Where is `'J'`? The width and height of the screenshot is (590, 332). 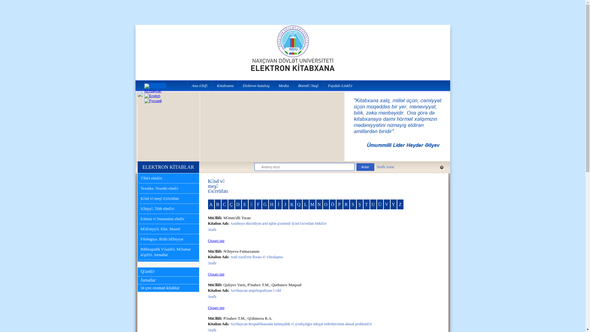 'J' is located at coordinates (285, 204).